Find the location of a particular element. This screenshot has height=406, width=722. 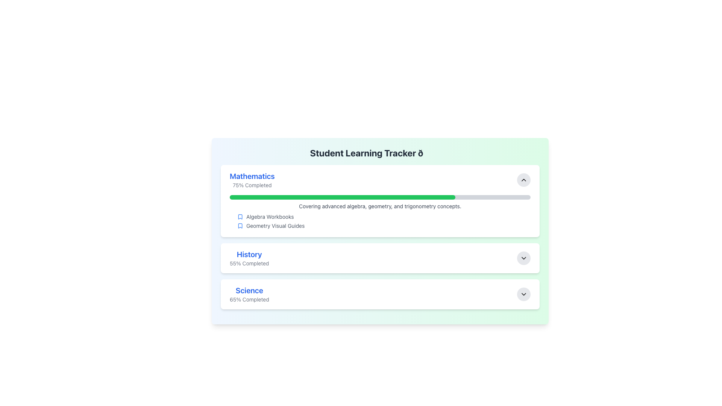

the text-based informational label displaying 'Mathematics' with the status '75% Completed' located in the top section of a segmented list is located at coordinates (252, 180).